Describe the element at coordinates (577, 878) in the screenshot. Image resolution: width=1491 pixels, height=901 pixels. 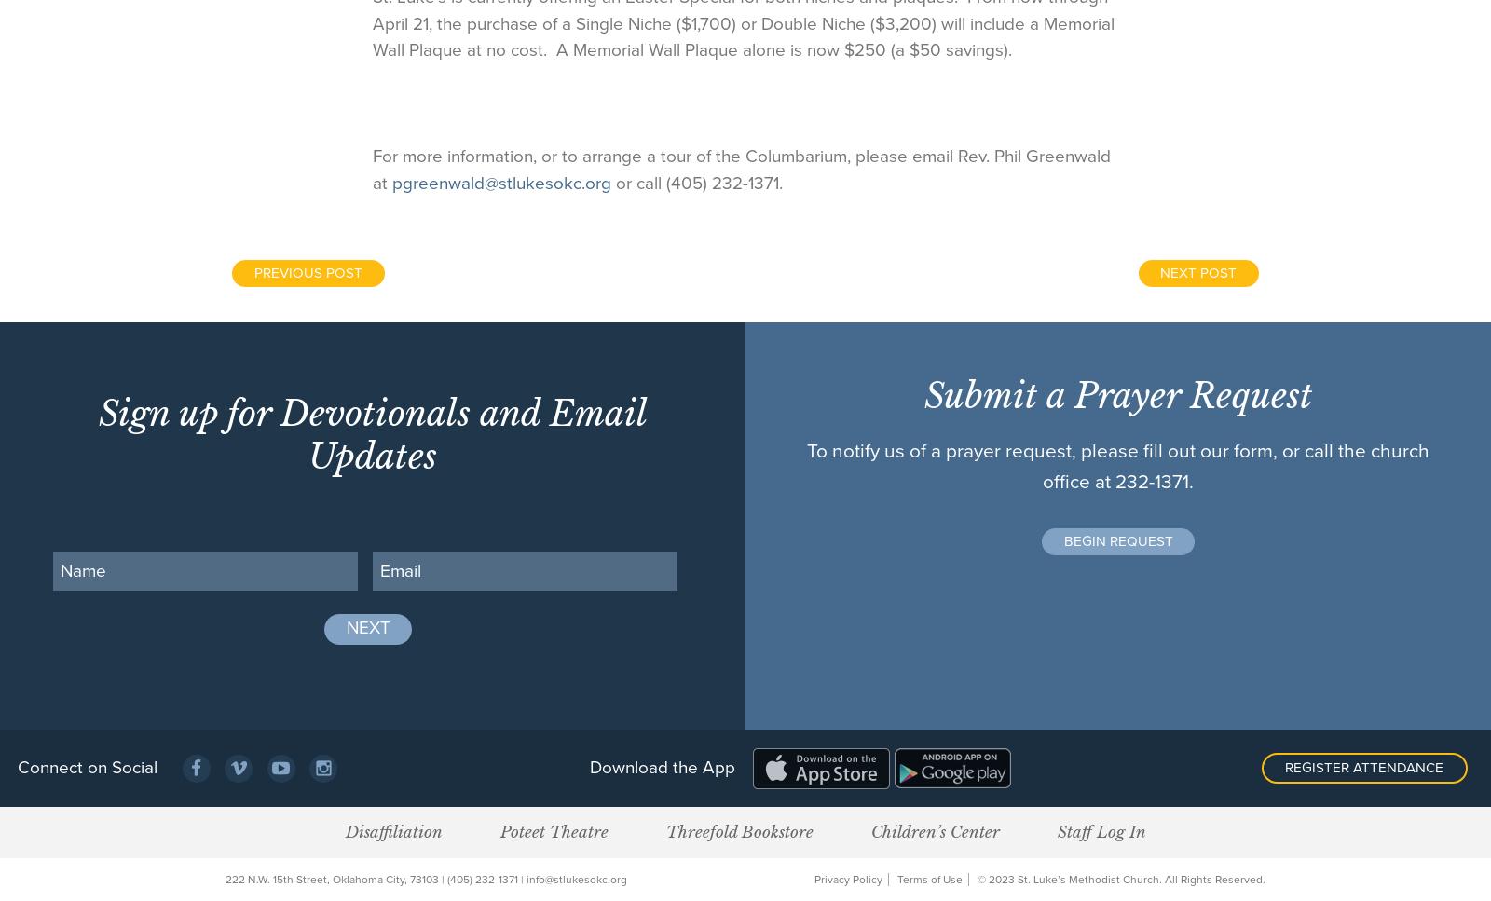
I see `'info@stlukesokc.org'` at that location.